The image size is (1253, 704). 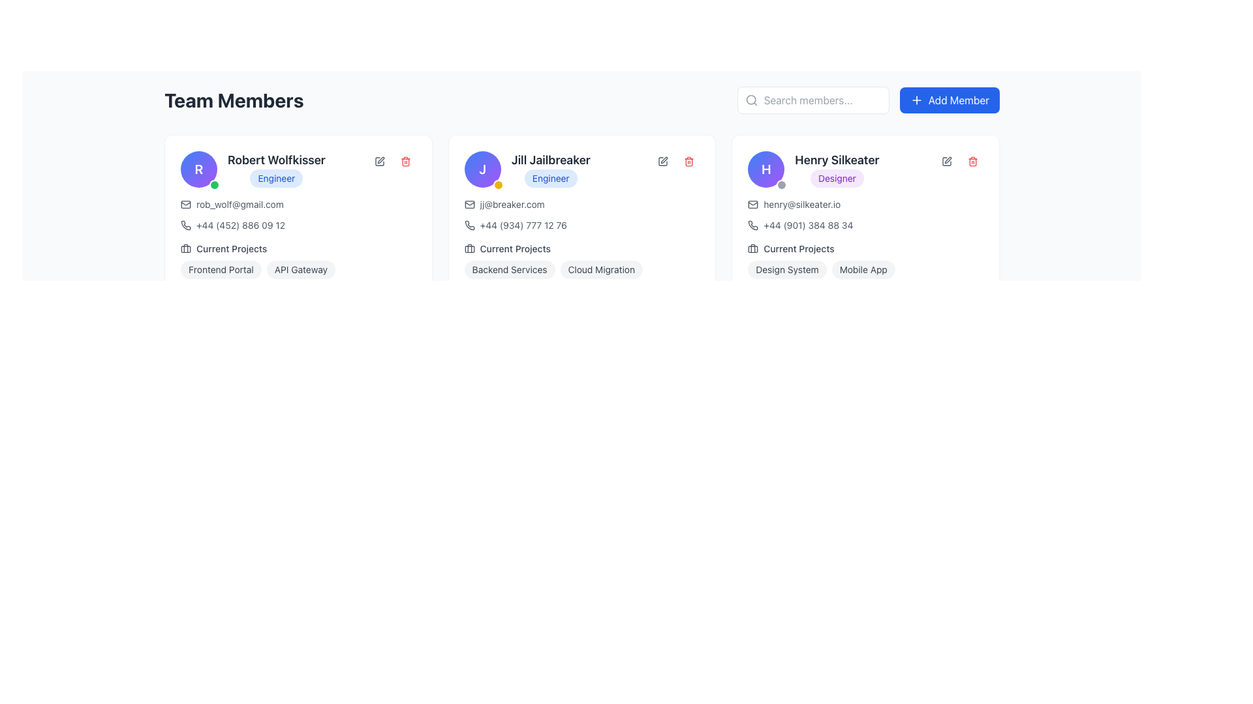 I want to click on the Profile Summary Section for 'Robert Wolfkisser', so click(x=298, y=168).